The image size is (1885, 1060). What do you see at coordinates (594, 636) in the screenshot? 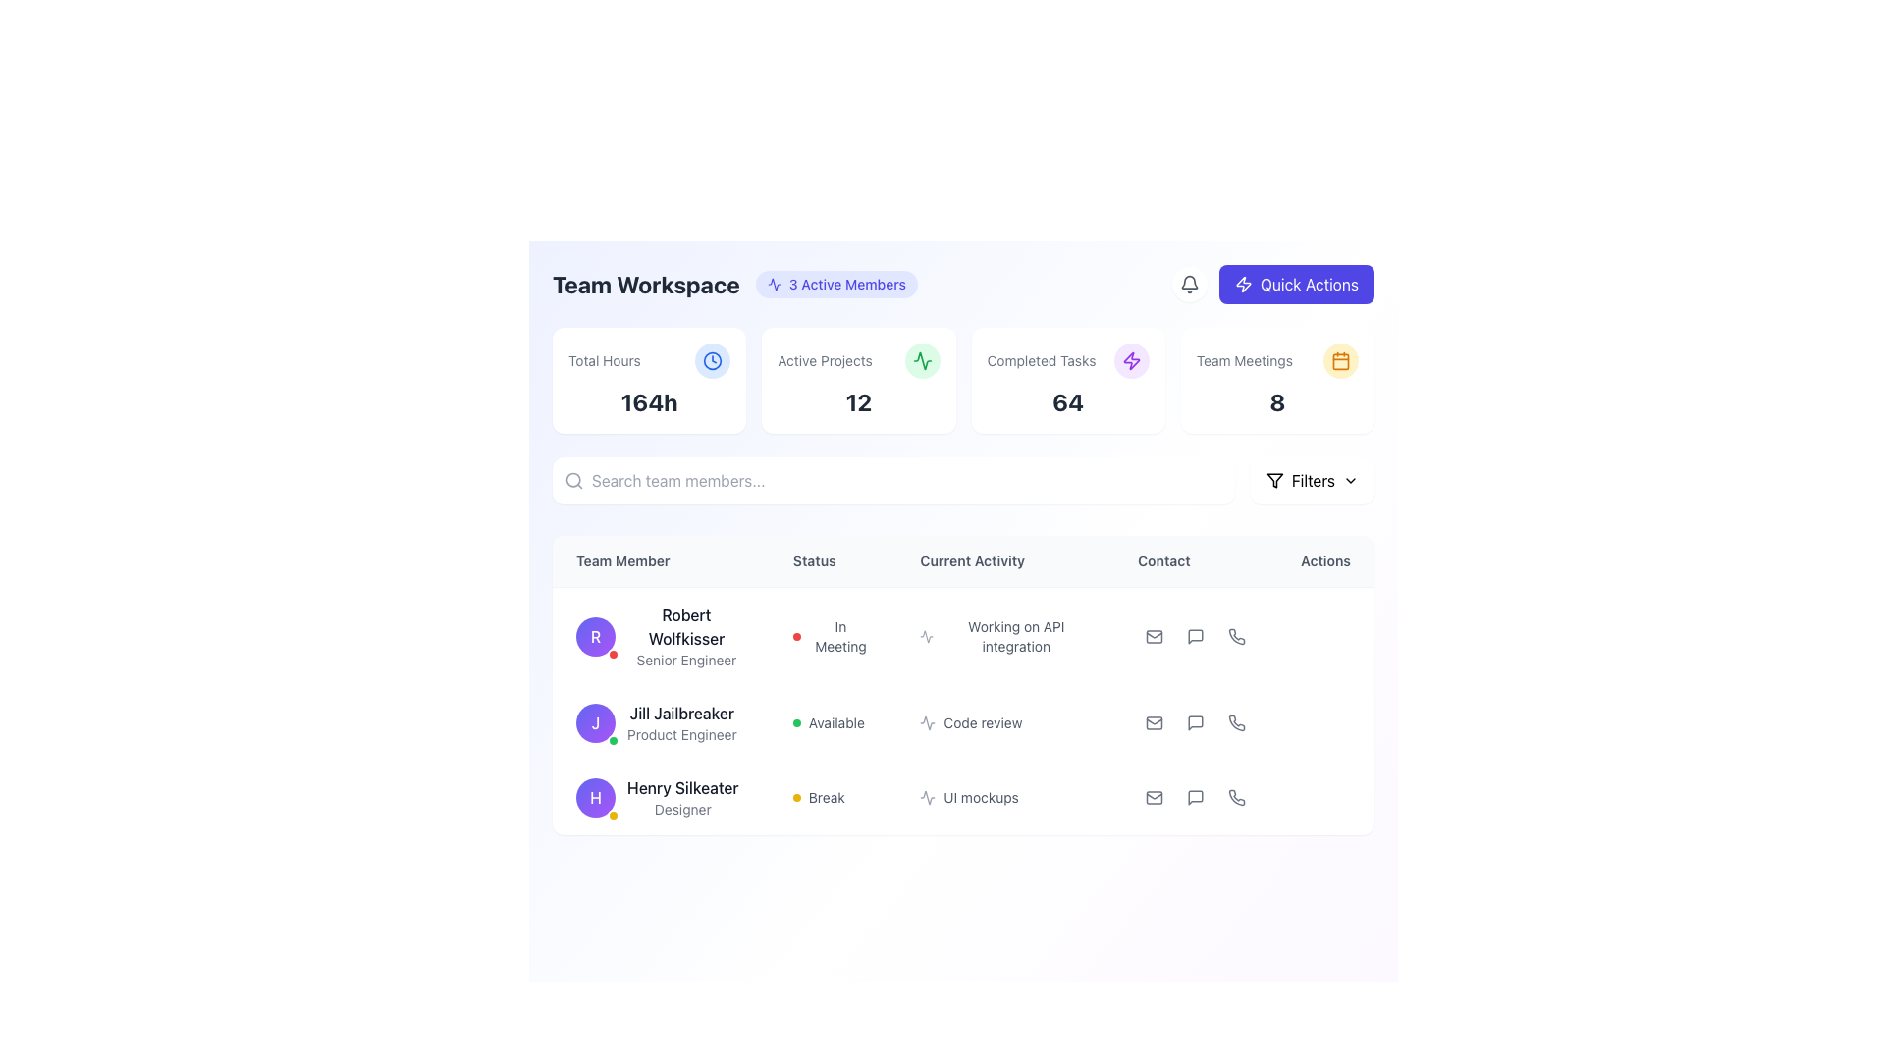
I see `the avatar with a purple gradient background and a white letter 'R'` at bounding box center [594, 636].